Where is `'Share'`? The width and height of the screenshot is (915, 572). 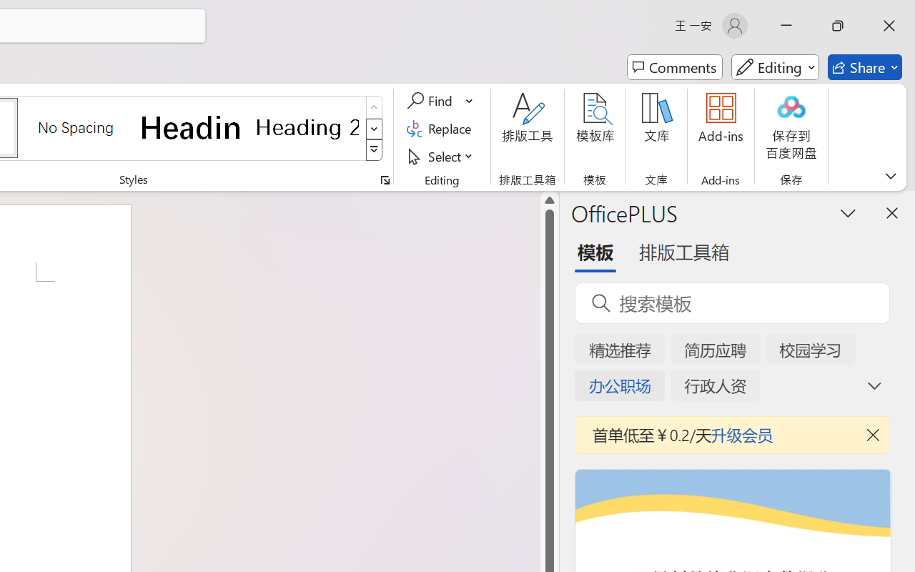 'Share' is located at coordinates (864, 67).